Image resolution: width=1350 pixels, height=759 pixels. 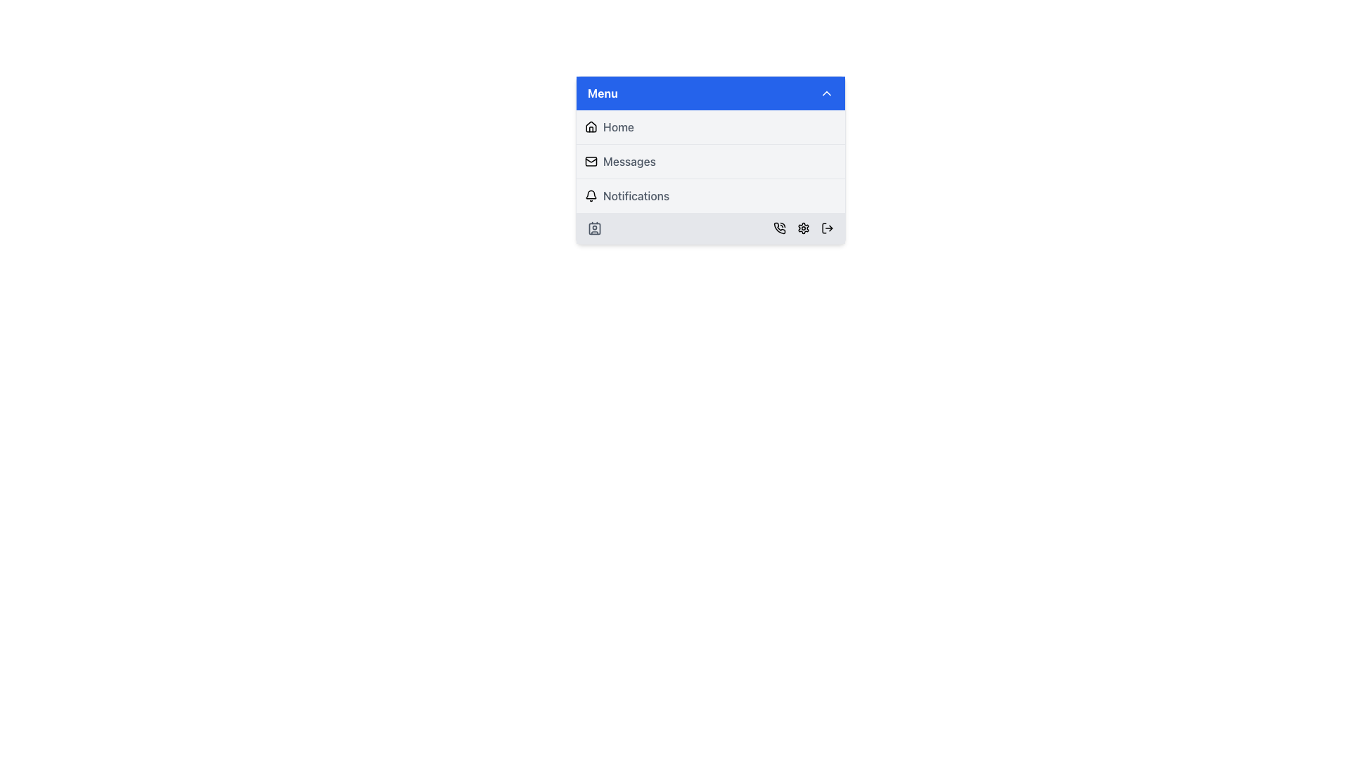 I want to click on the 'Home' button located at the top of the menu dropdown, which is the first item above 'Messages' and 'Notifications', so click(x=711, y=127).